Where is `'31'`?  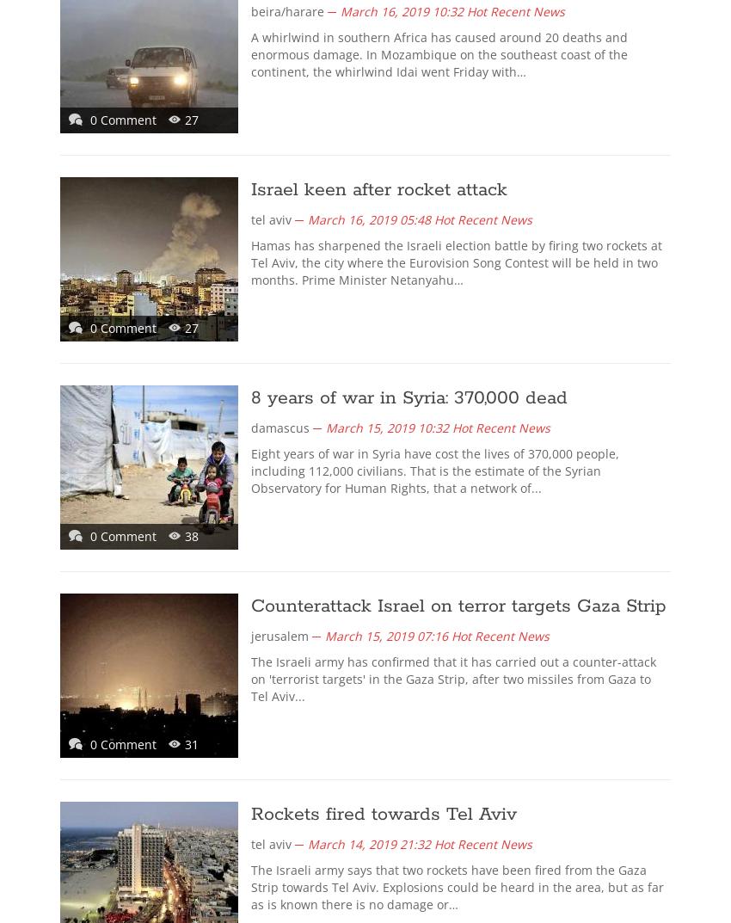 '31' is located at coordinates (184, 743).